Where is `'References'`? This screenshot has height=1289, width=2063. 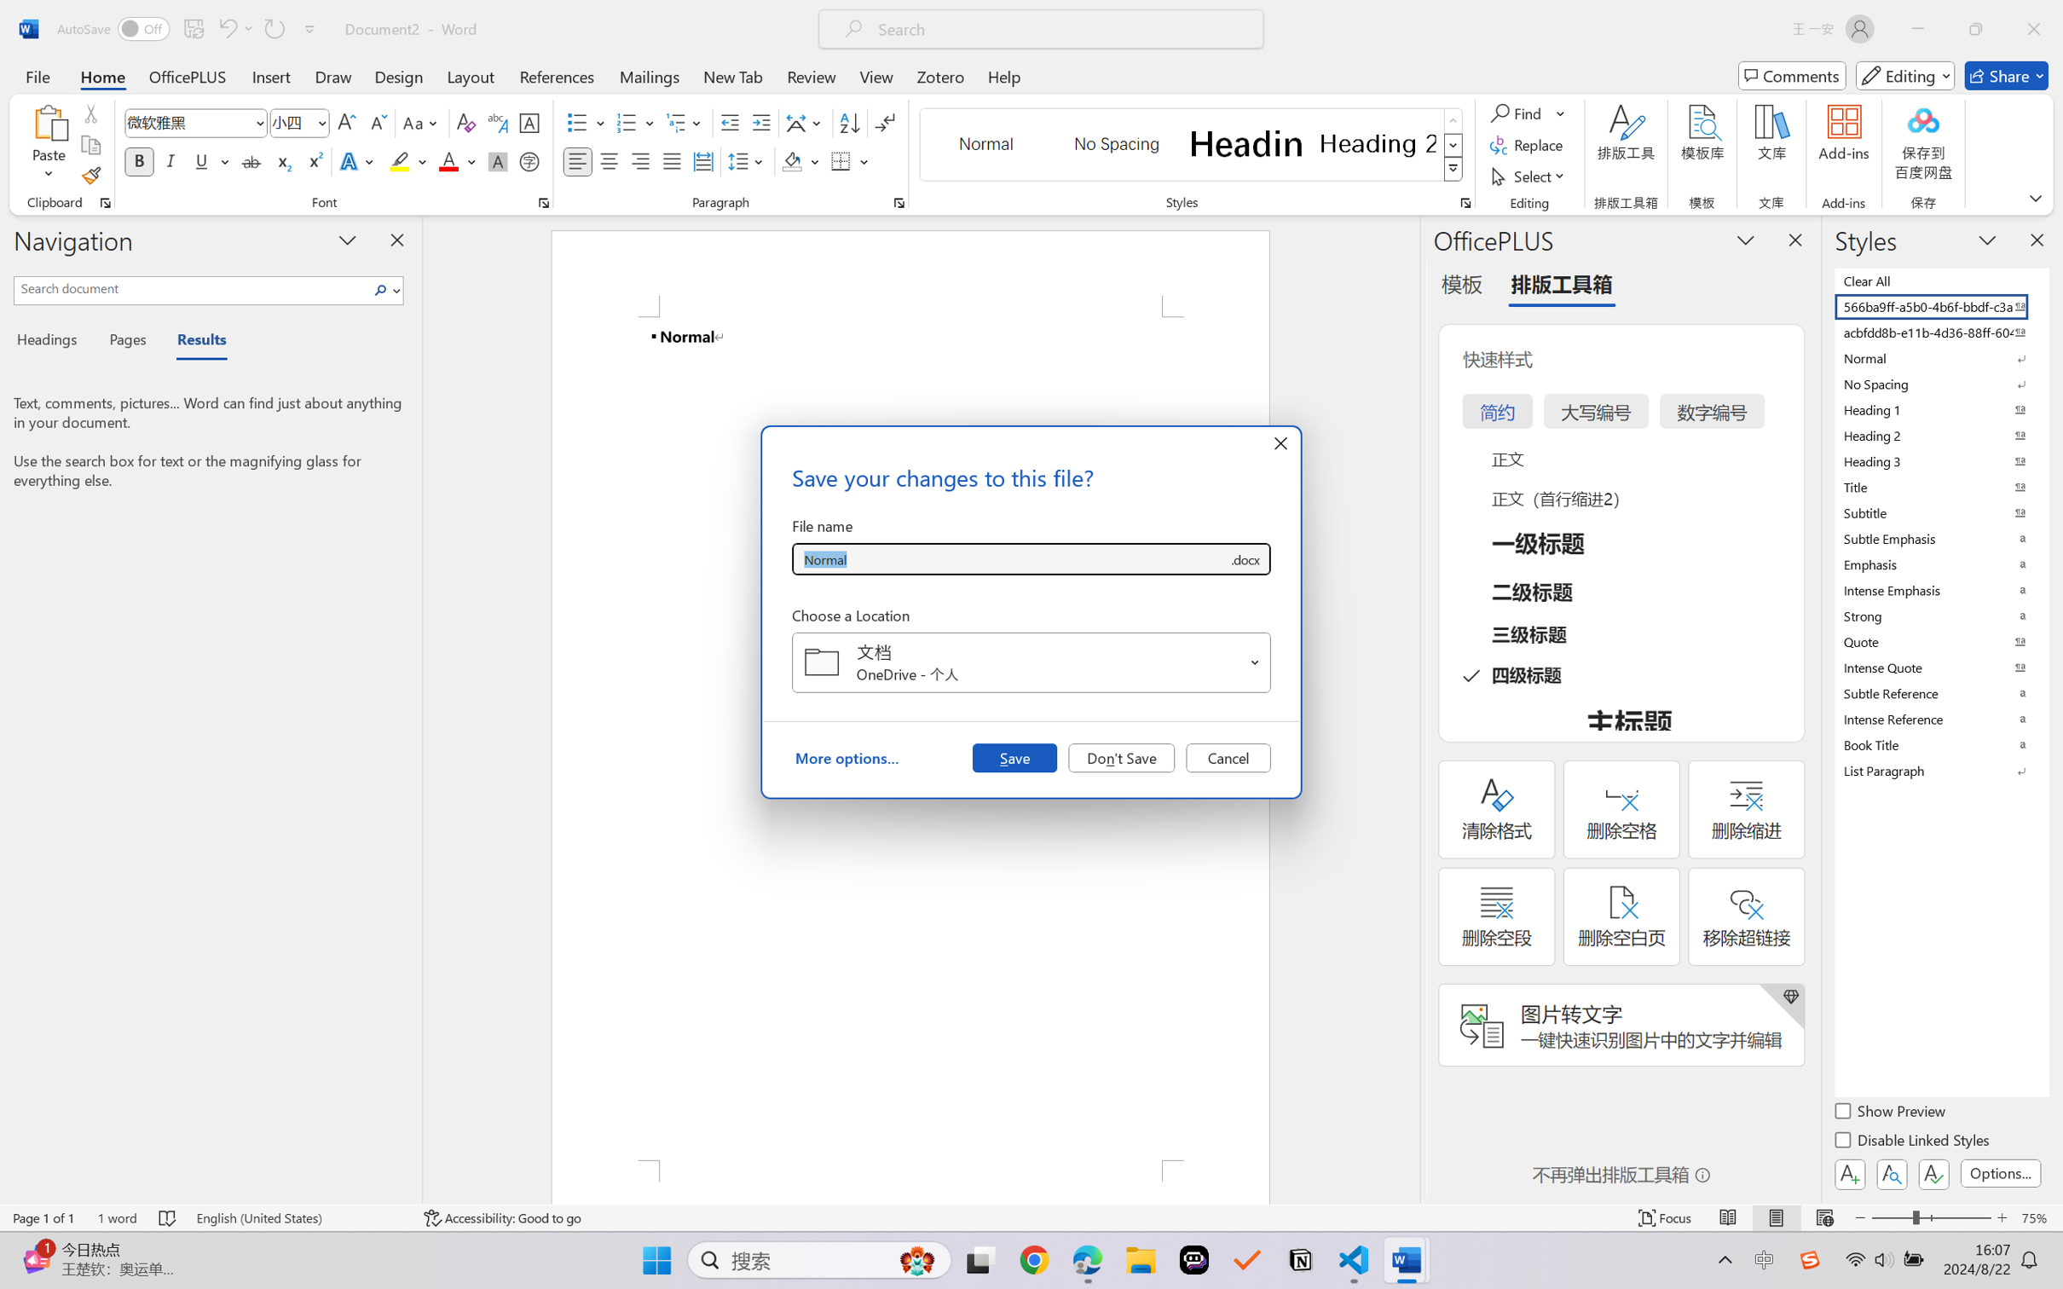 'References' is located at coordinates (557, 75).